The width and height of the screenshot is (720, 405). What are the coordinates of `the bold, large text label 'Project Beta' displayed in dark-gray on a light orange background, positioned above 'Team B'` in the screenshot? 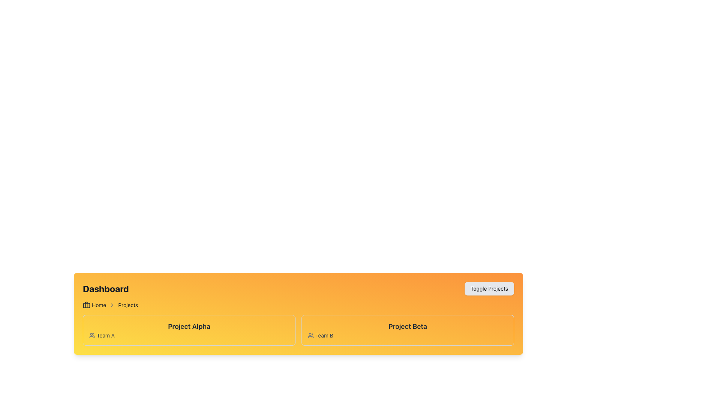 It's located at (407, 326).